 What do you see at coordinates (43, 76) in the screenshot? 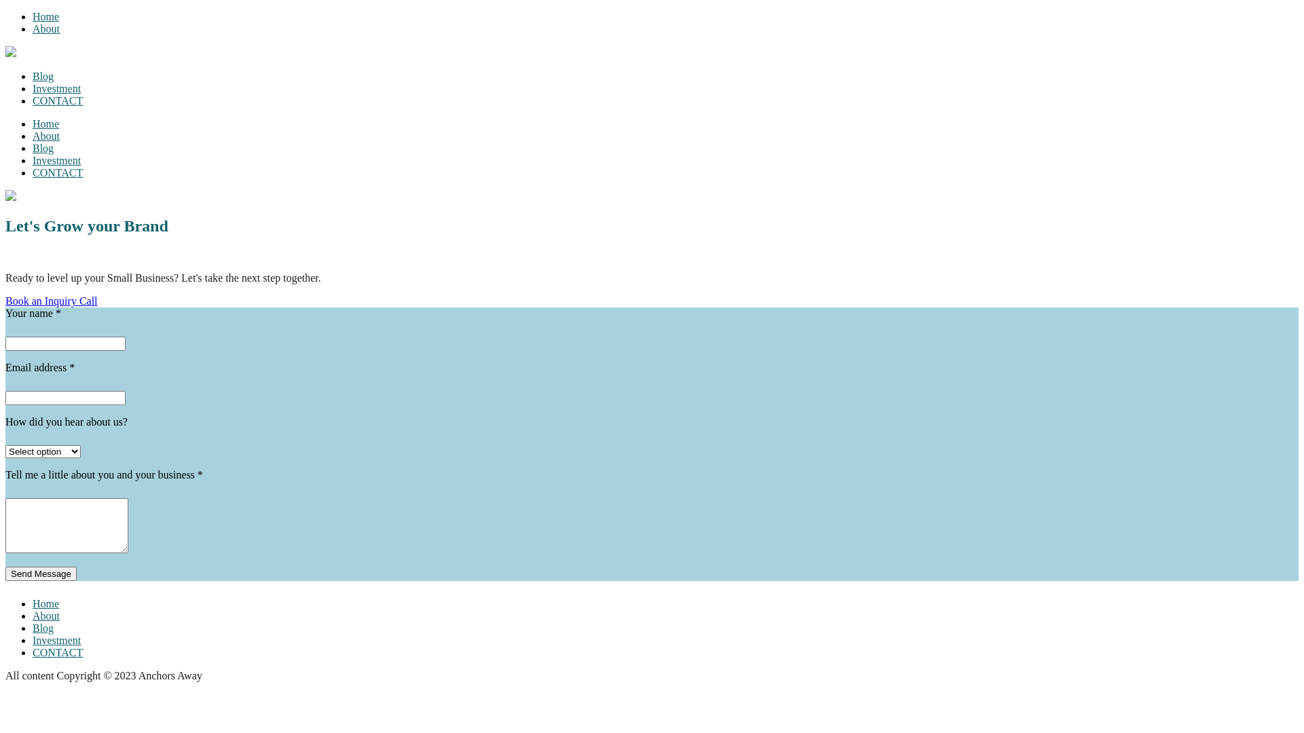
I see `'Blog'` at bounding box center [43, 76].